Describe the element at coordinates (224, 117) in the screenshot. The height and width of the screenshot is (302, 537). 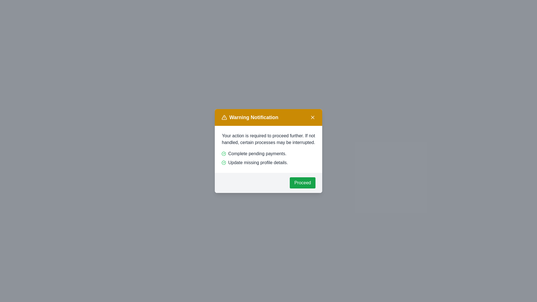
I see `the triangular warning icon located to the left of the 'Warning Notification' title text, which is styled in white with a yellow background` at that location.